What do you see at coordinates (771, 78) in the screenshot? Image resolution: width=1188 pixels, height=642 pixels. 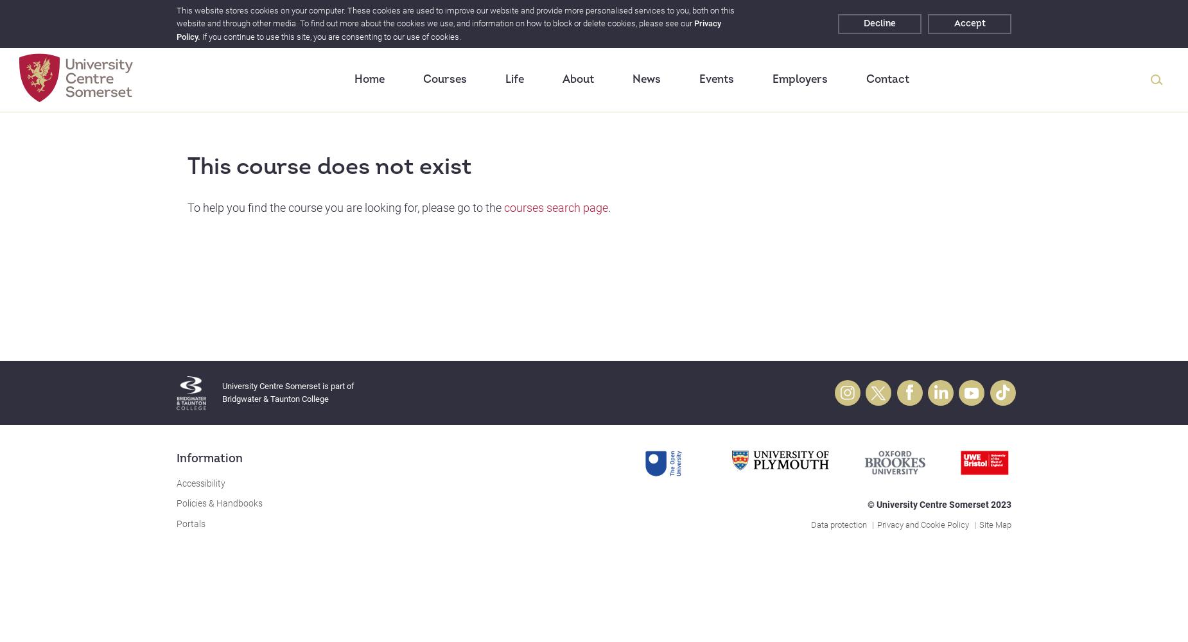 I see `'Employers'` at bounding box center [771, 78].